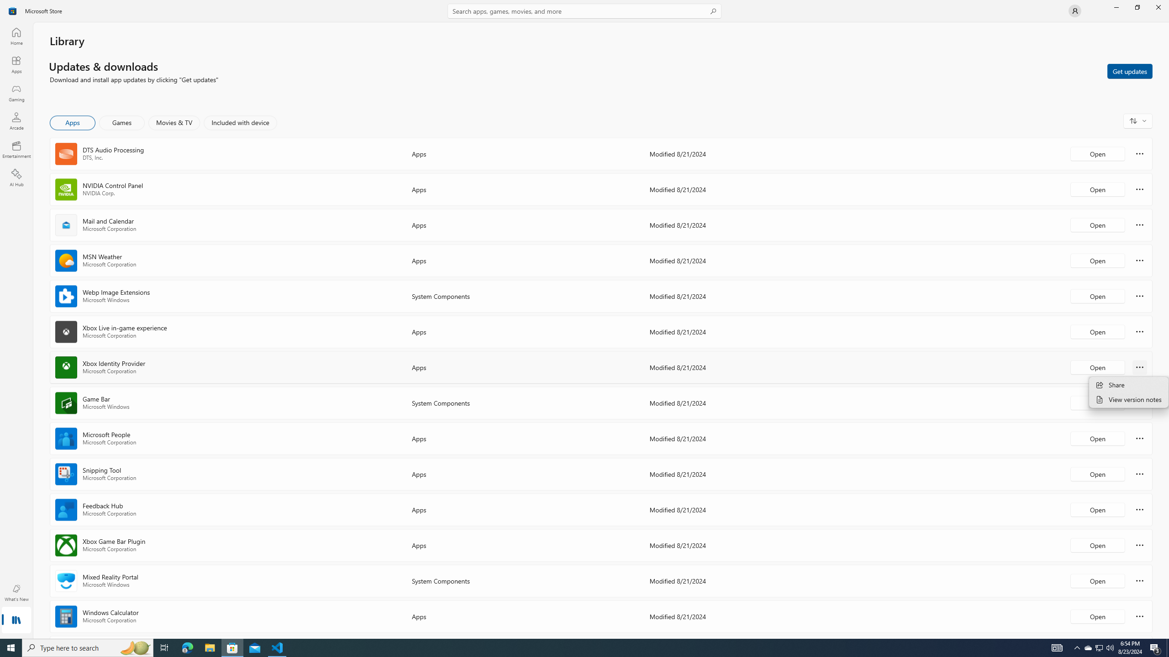 The width and height of the screenshot is (1169, 657). I want to click on 'Home', so click(16, 36).